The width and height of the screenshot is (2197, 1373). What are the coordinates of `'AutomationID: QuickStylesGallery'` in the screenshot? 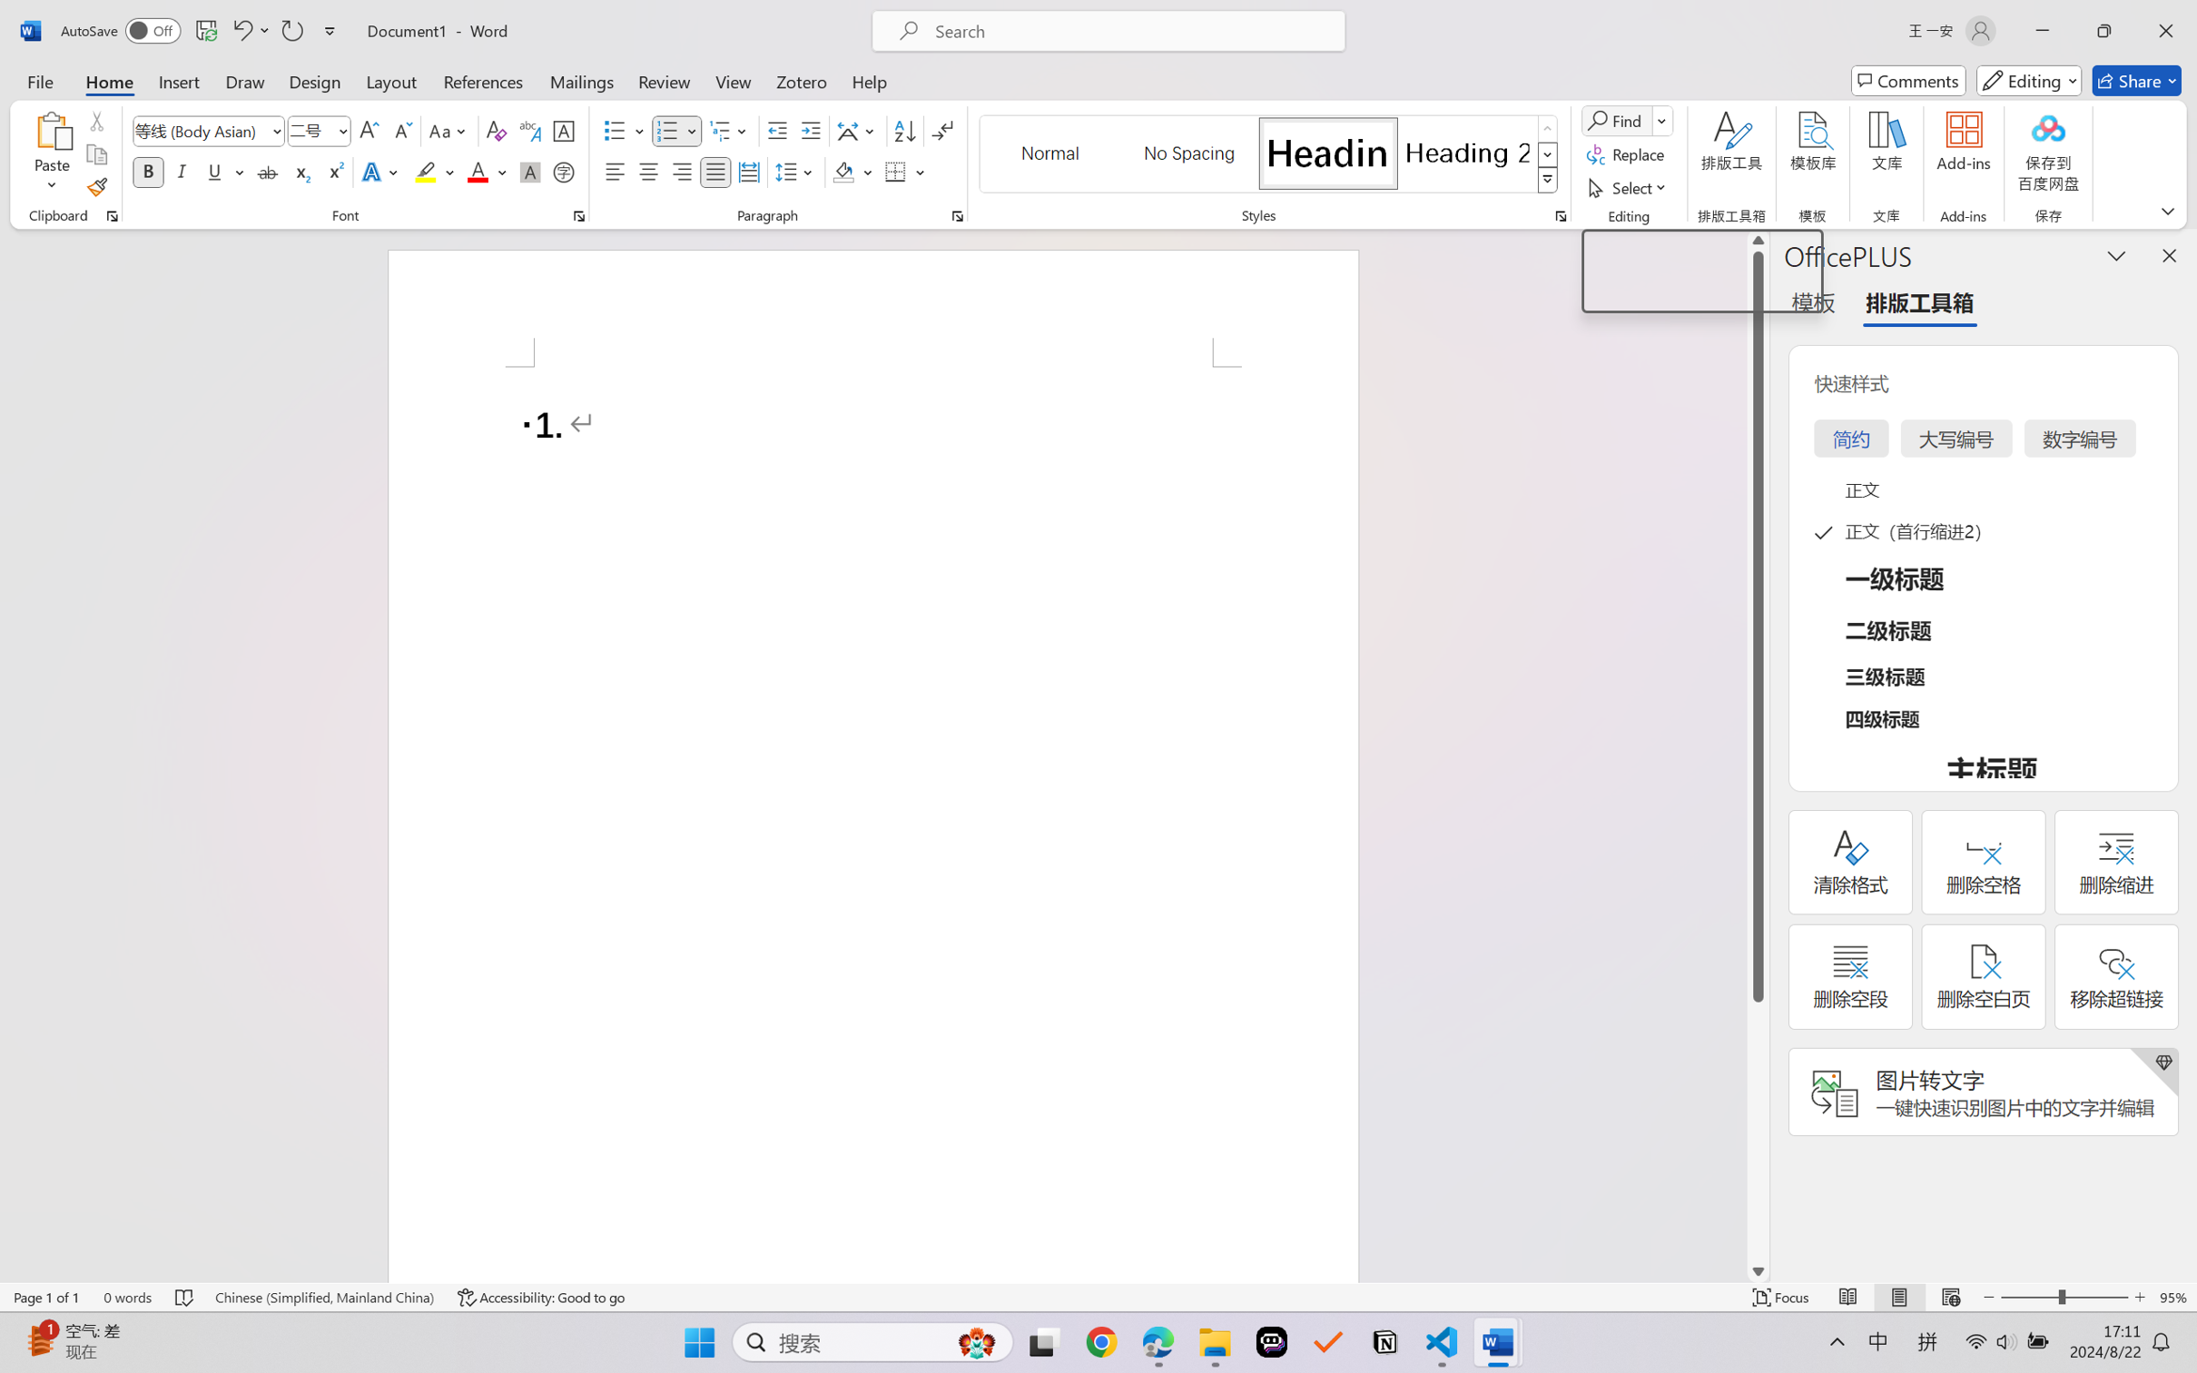 It's located at (1268, 154).